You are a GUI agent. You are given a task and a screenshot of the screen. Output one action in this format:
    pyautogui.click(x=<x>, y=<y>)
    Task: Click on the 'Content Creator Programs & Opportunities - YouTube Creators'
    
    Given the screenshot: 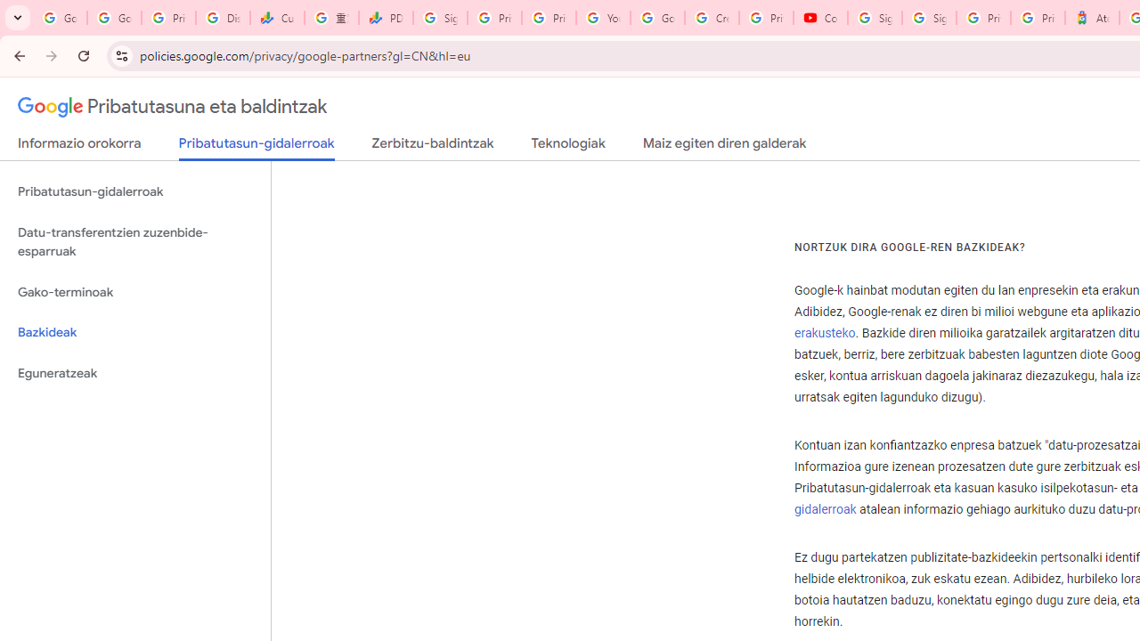 What is the action you would take?
    pyautogui.click(x=819, y=18)
    